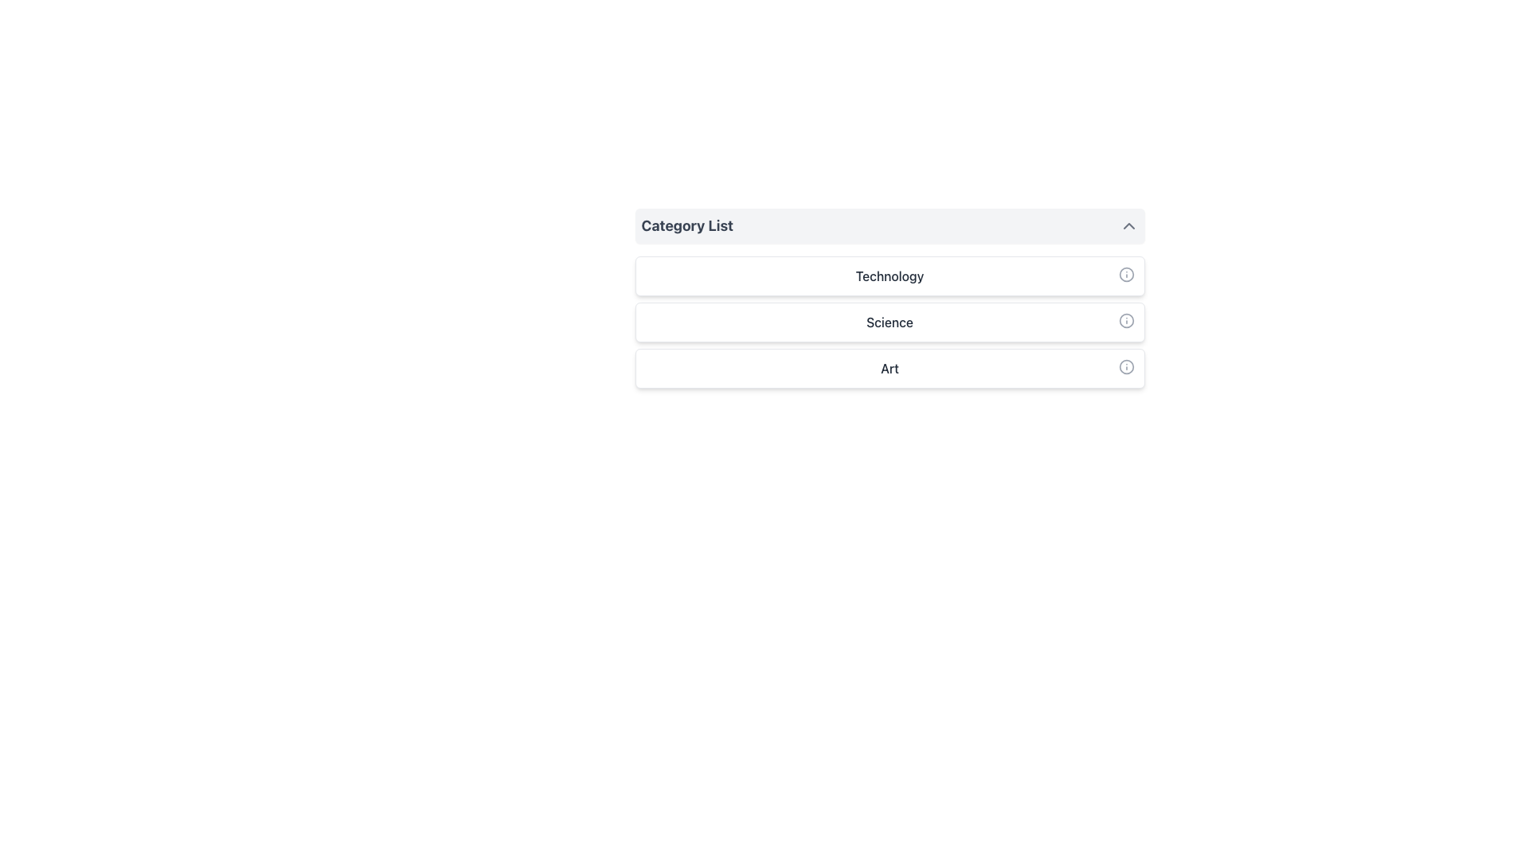  Describe the element at coordinates (1125, 273) in the screenshot. I see `the Informational Icon located at the top-right corner of the 'Technology' section` at that location.